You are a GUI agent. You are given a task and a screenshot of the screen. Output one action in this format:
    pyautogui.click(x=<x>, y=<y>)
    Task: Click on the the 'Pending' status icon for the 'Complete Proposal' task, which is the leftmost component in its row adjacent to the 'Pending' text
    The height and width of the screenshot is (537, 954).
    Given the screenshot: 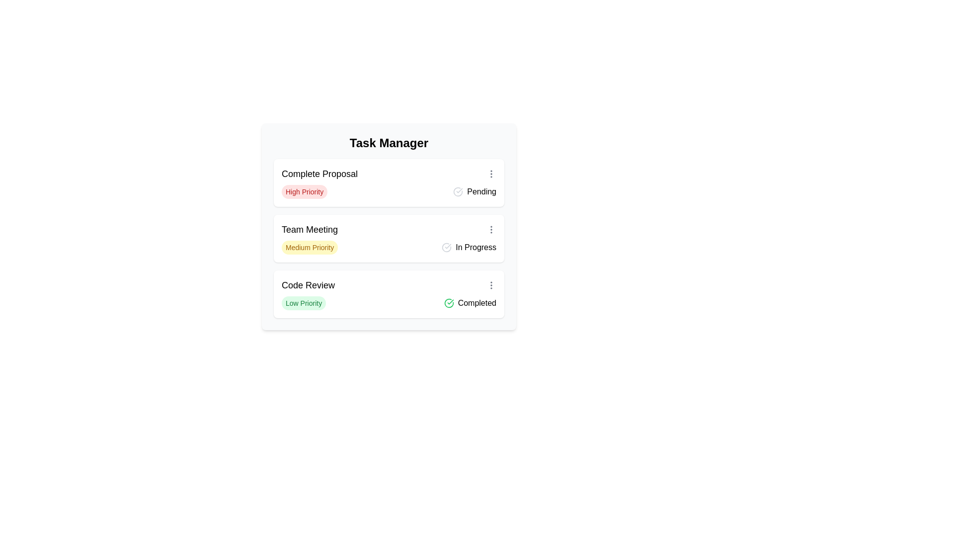 What is the action you would take?
    pyautogui.click(x=458, y=191)
    